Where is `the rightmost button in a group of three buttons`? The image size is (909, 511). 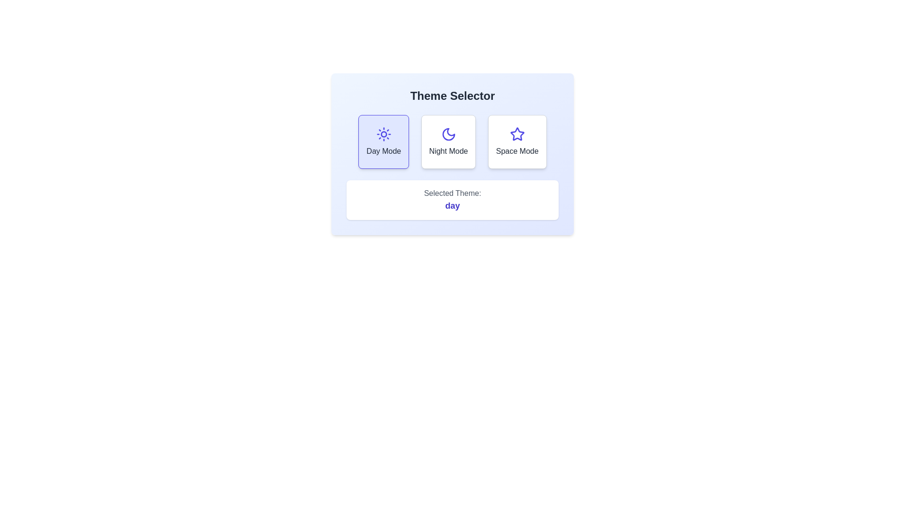 the rightmost button in a group of three buttons is located at coordinates (517, 142).